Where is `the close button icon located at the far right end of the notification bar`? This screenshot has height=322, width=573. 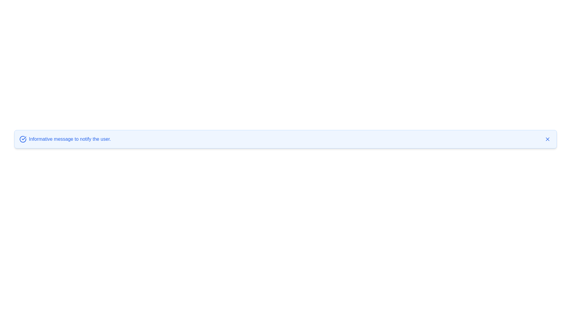
the close button icon located at the far right end of the notification bar is located at coordinates (547, 139).